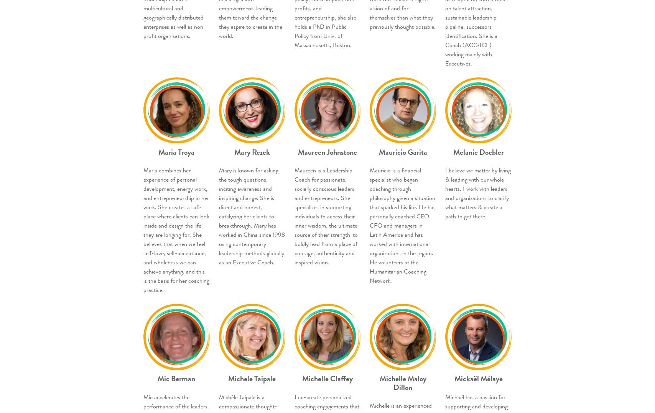 Image resolution: width=655 pixels, height=413 pixels. Describe the element at coordinates (327, 379) in the screenshot. I see `'Michelle Claffey'` at that location.